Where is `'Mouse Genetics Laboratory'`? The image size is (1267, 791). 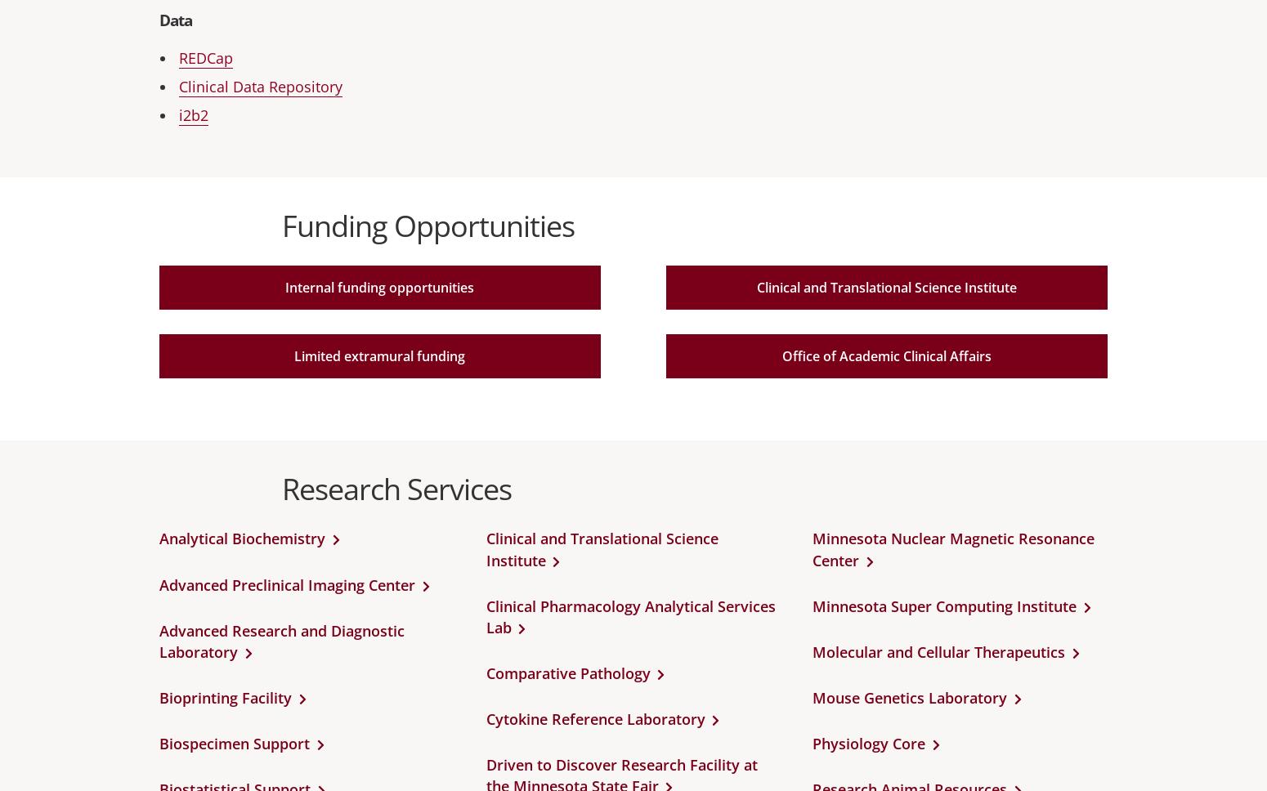
'Mouse Genetics Laboratory' is located at coordinates (909, 696).